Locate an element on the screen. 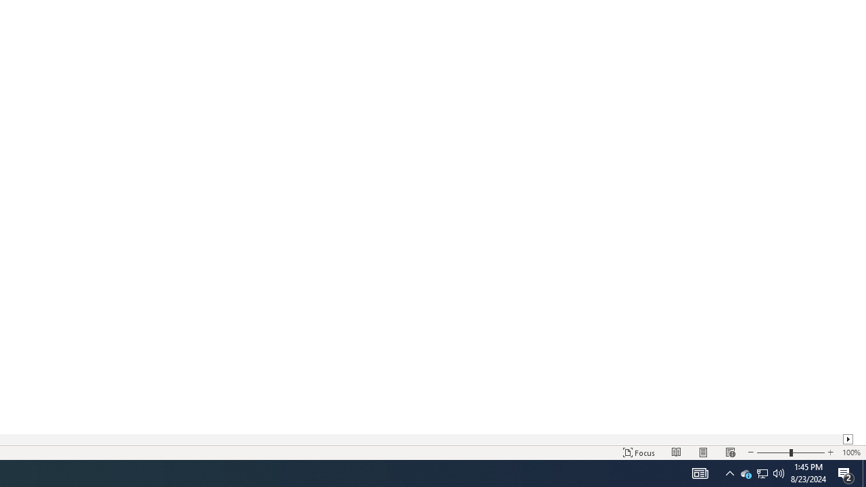 The image size is (866, 487). 'Zoom Out' is located at coordinates (773, 453).